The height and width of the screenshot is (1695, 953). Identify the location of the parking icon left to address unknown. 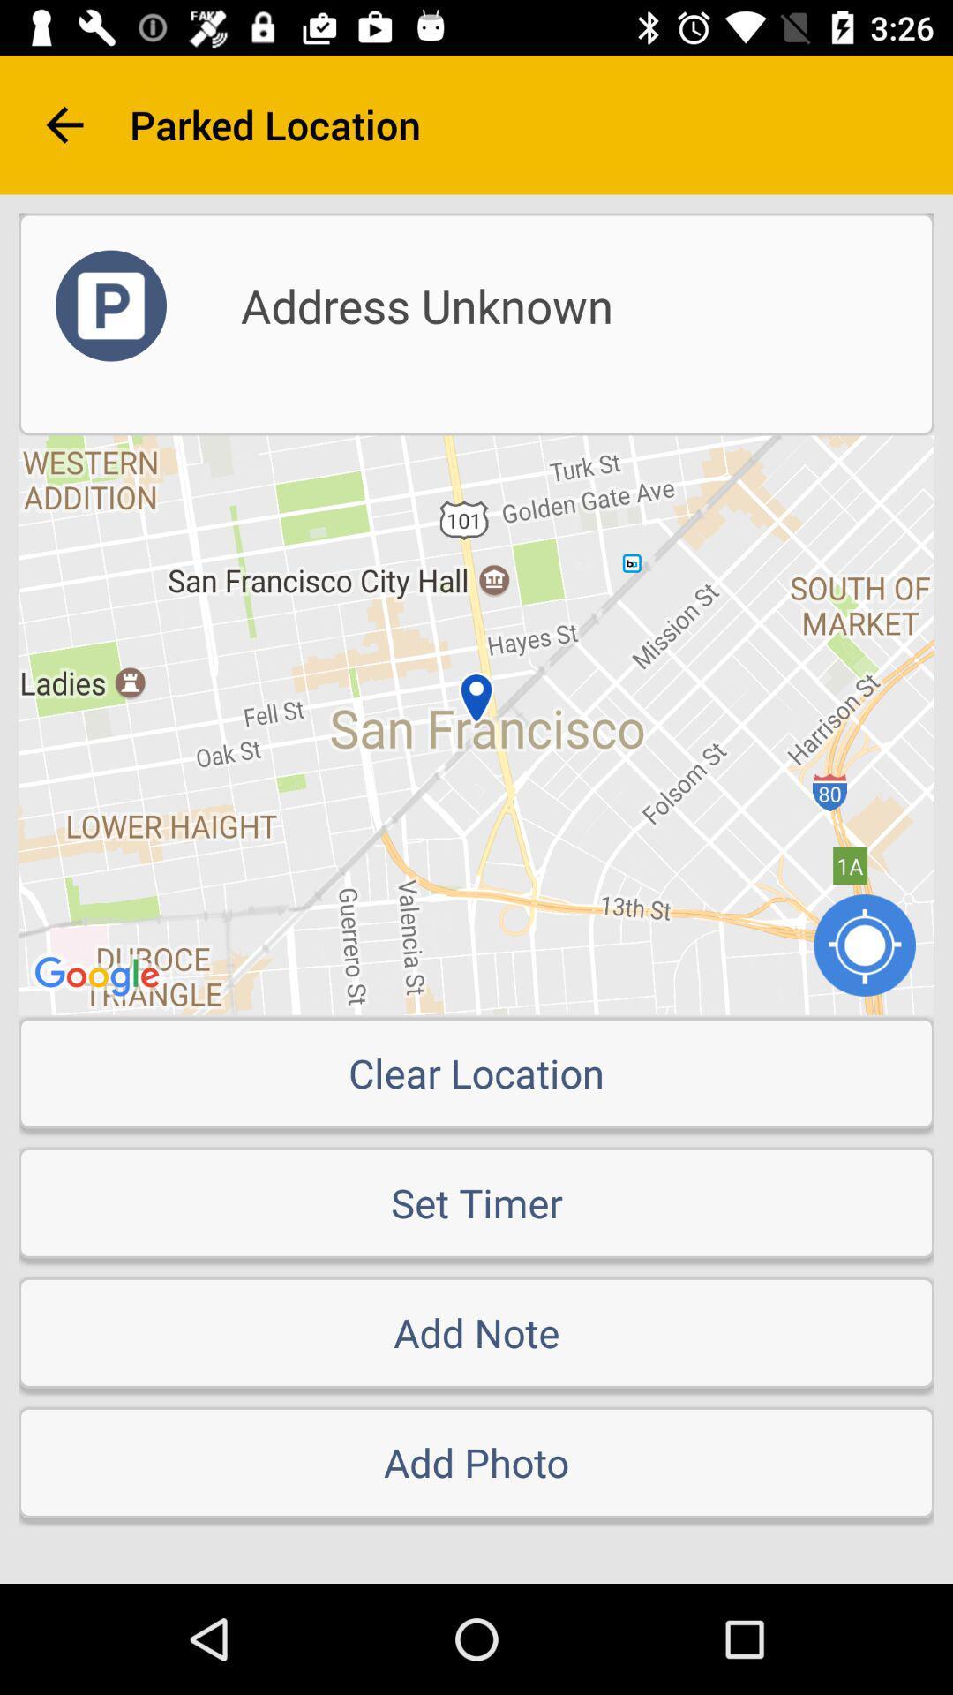
(111, 305).